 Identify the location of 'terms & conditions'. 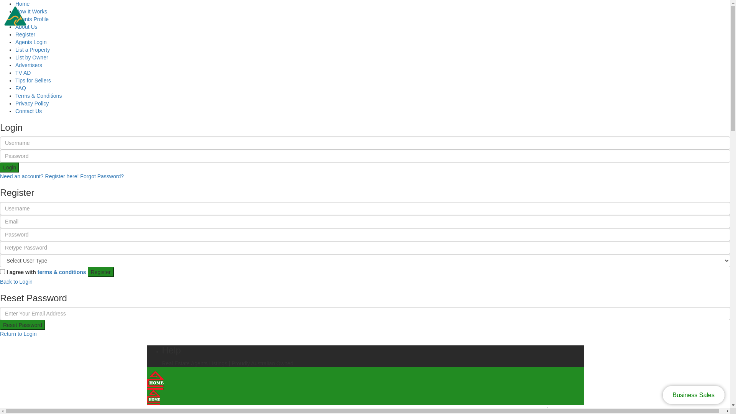
(37, 271).